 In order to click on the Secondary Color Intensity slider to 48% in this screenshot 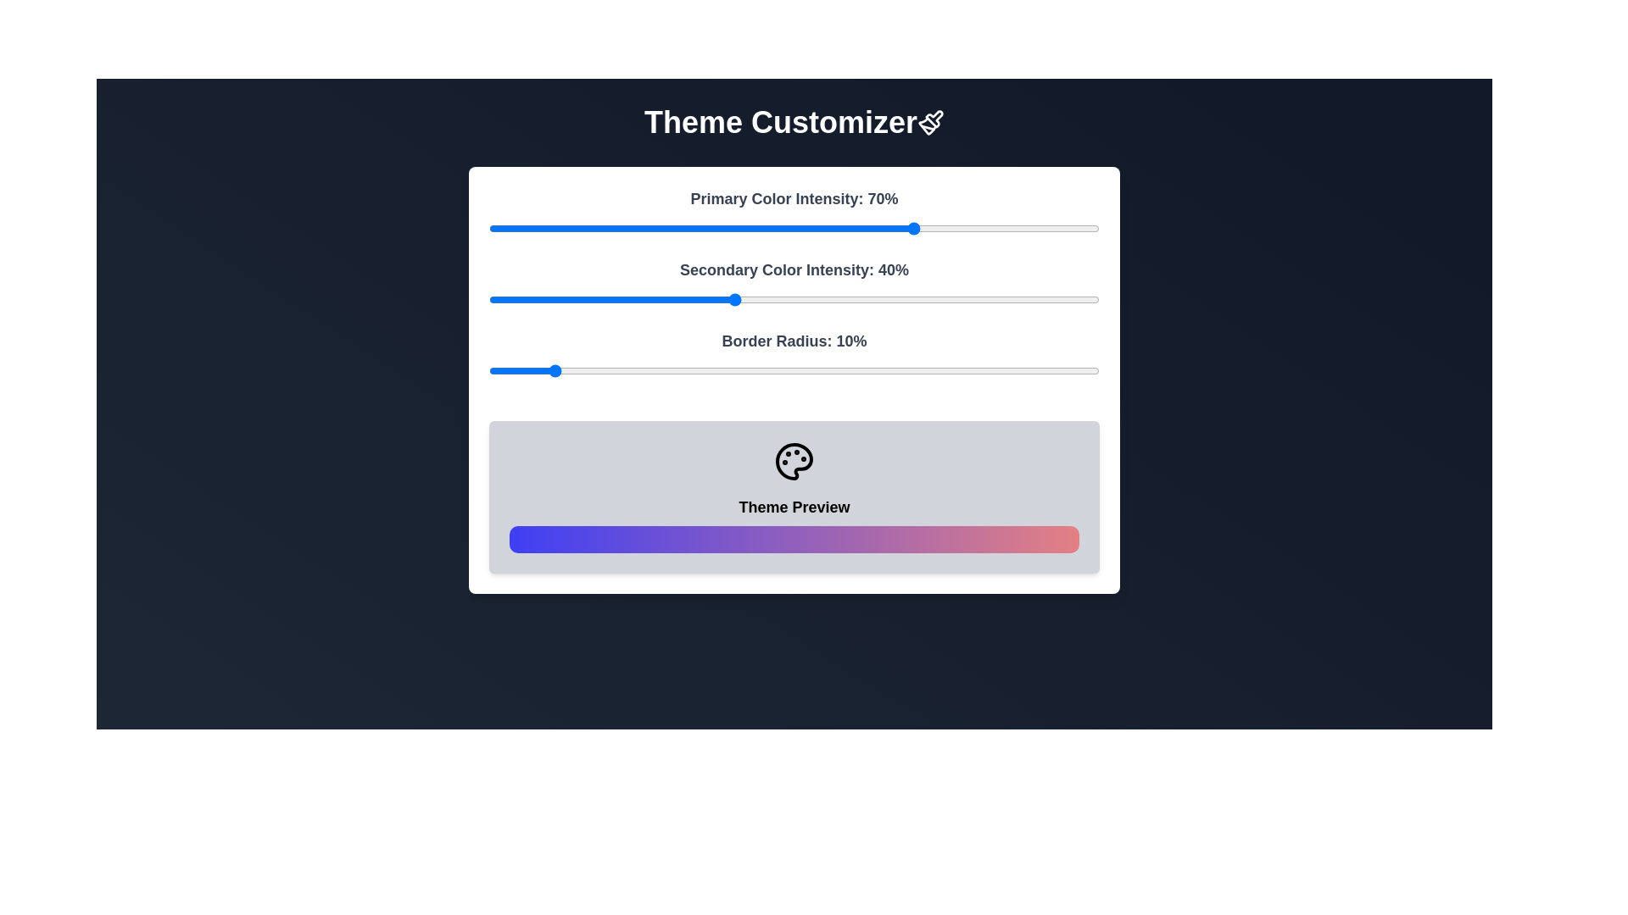, I will do `click(781, 299)`.